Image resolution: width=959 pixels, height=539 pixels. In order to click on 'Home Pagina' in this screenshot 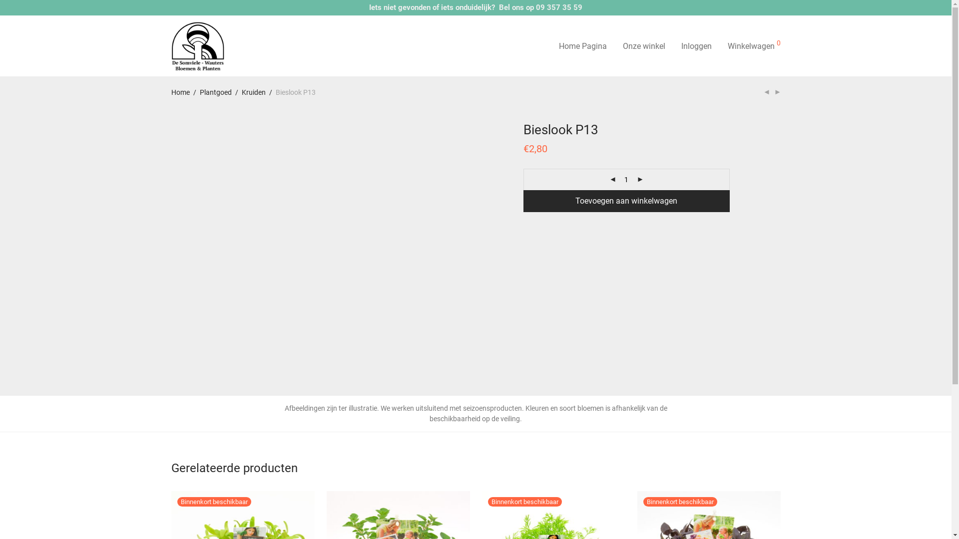, I will do `click(550, 46)`.